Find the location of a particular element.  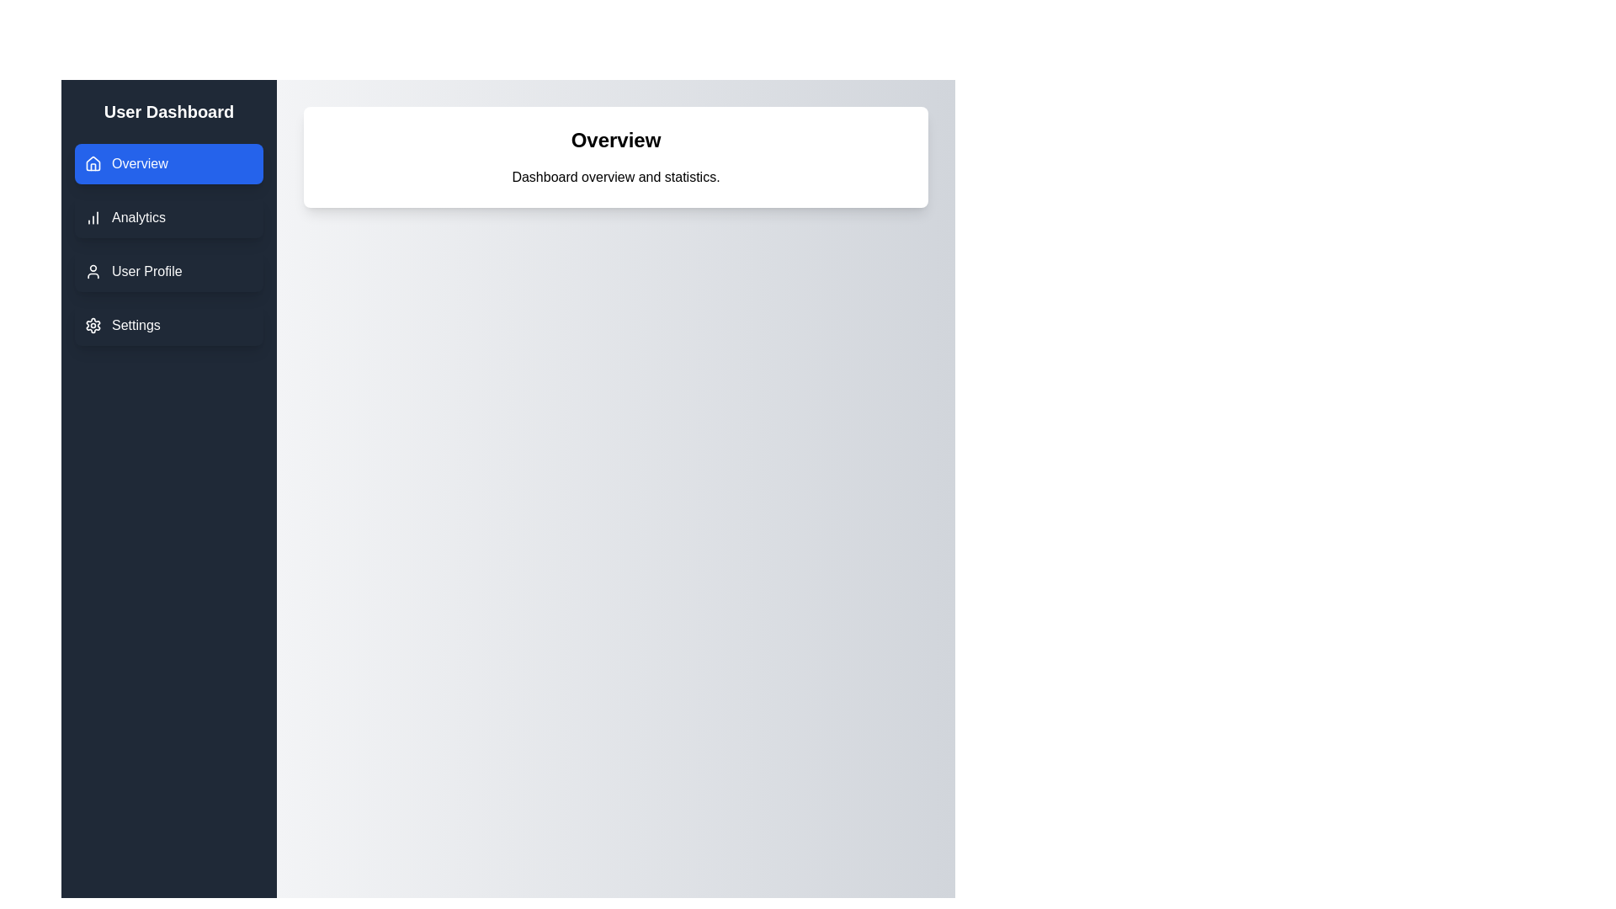

the section Overview from the navigation menu is located at coordinates (169, 164).